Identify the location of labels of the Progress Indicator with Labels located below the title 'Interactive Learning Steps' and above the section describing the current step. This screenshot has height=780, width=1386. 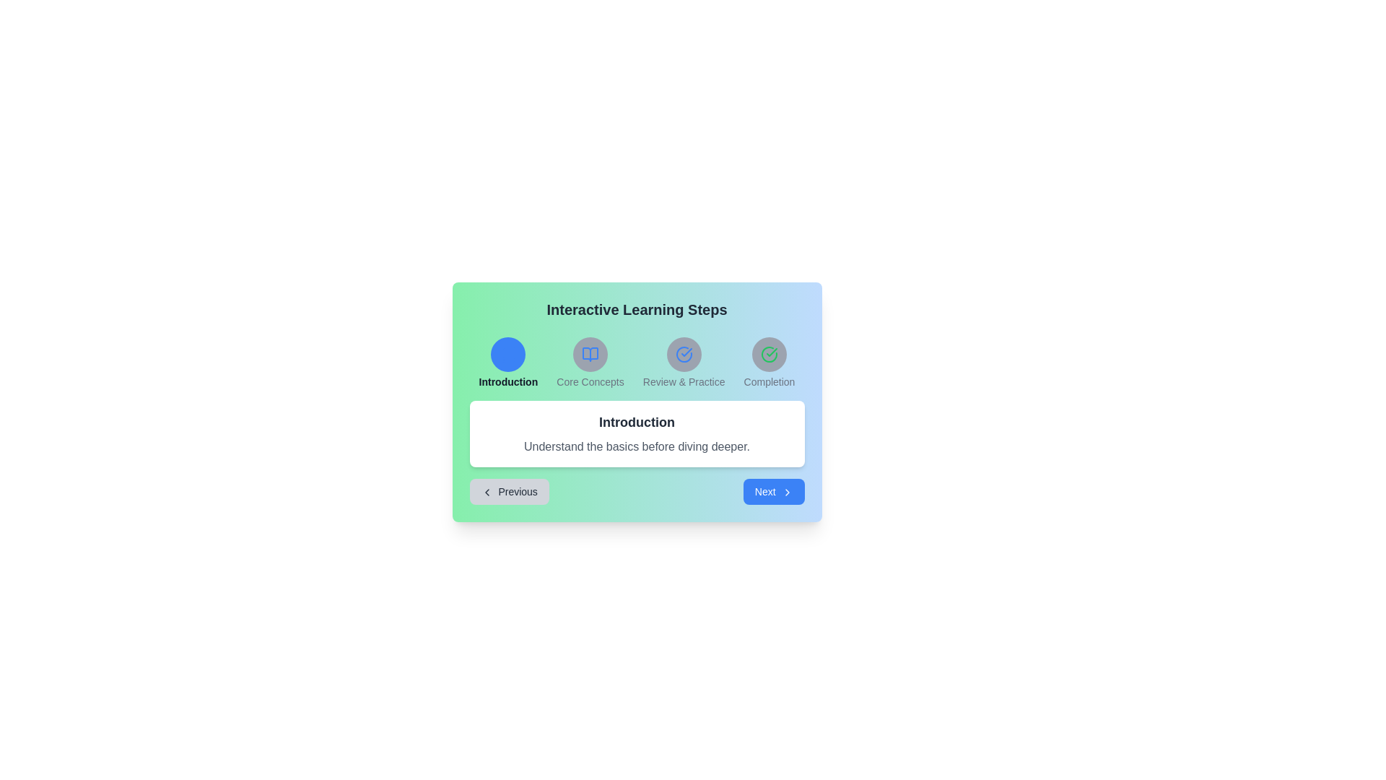
(636, 362).